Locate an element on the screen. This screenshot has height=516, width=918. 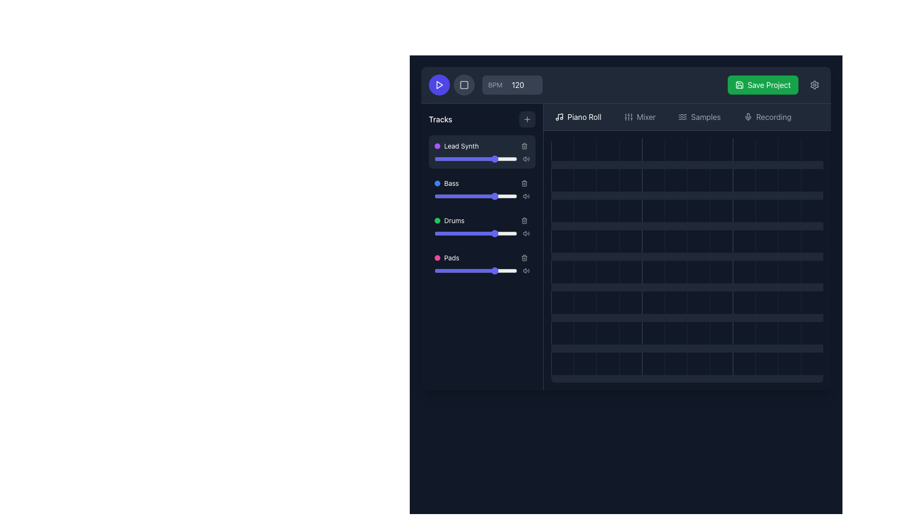
the first row and first column grid cell, which is a dark gray square box that lightens when hovered, located to the right of the 'Tracks' section and below the 'Piano Roll' tab is located at coordinates (562, 150).